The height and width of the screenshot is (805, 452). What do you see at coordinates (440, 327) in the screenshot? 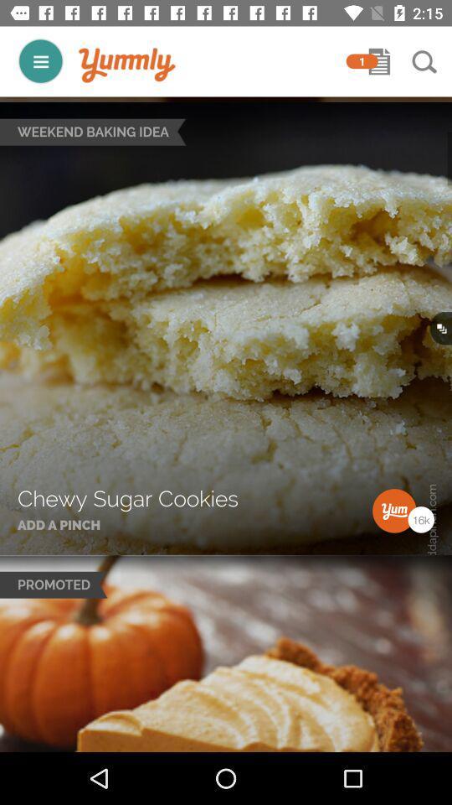
I see `the button in the middle of the page` at bounding box center [440, 327].